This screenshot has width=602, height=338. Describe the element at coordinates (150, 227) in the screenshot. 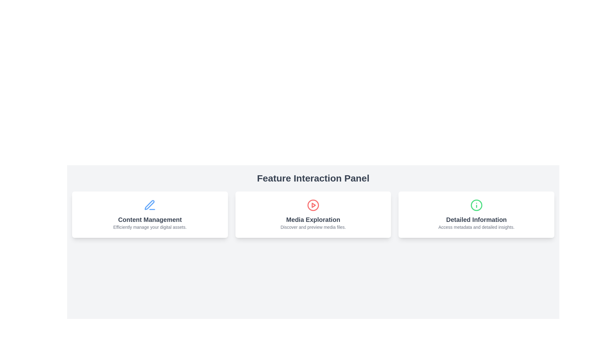

I see `the subtitle text element located directly below the 'Content Management' title in the leftmost card` at that location.